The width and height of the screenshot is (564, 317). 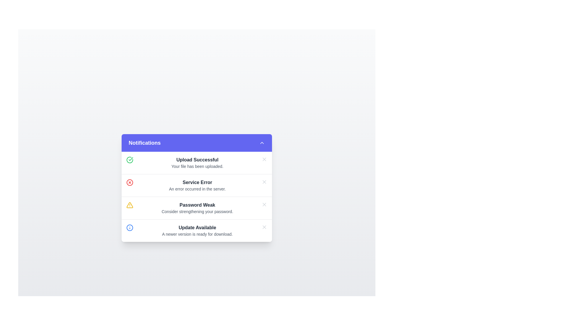 What do you see at coordinates (197, 185) in the screenshot?
I see `title and description of the Notification message indicating a server error, which is the second notification in the Notifications card` at bounding box center [197, 185].